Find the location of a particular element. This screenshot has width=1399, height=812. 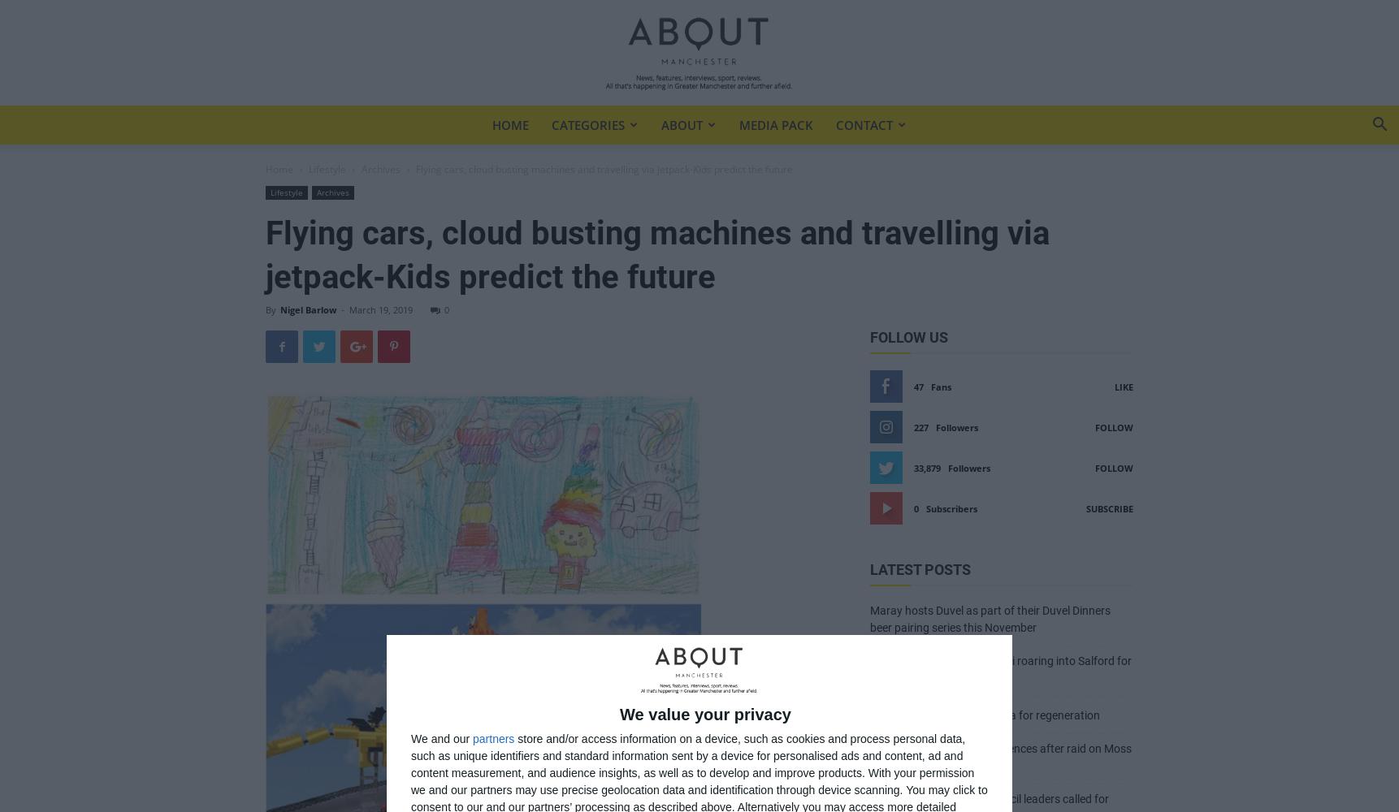

'By' is located at coordinates (270, 309).